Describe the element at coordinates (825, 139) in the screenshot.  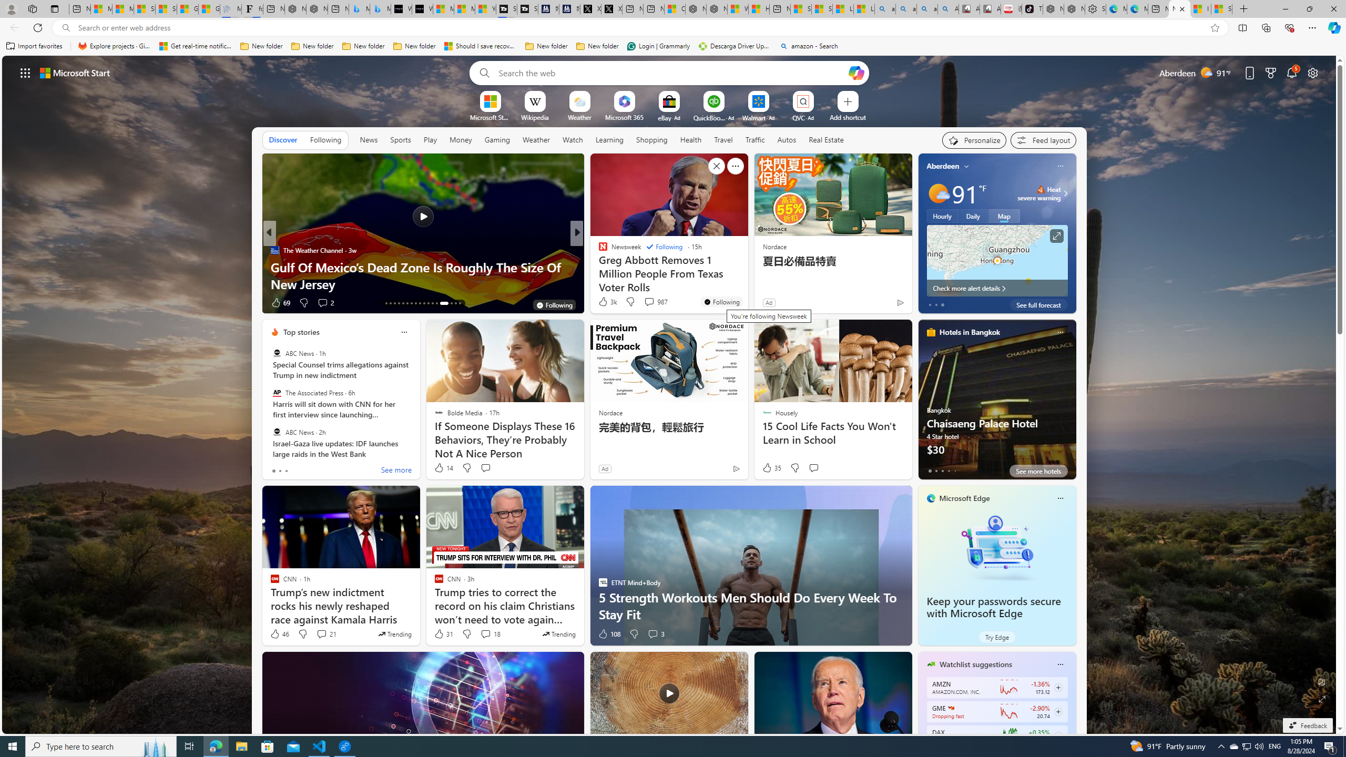
I see `'Real Estate'` at that location.